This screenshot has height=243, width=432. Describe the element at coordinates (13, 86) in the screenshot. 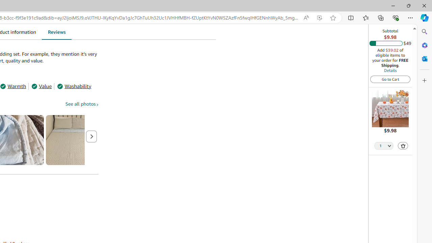

I see `'Warmth'` at that location.